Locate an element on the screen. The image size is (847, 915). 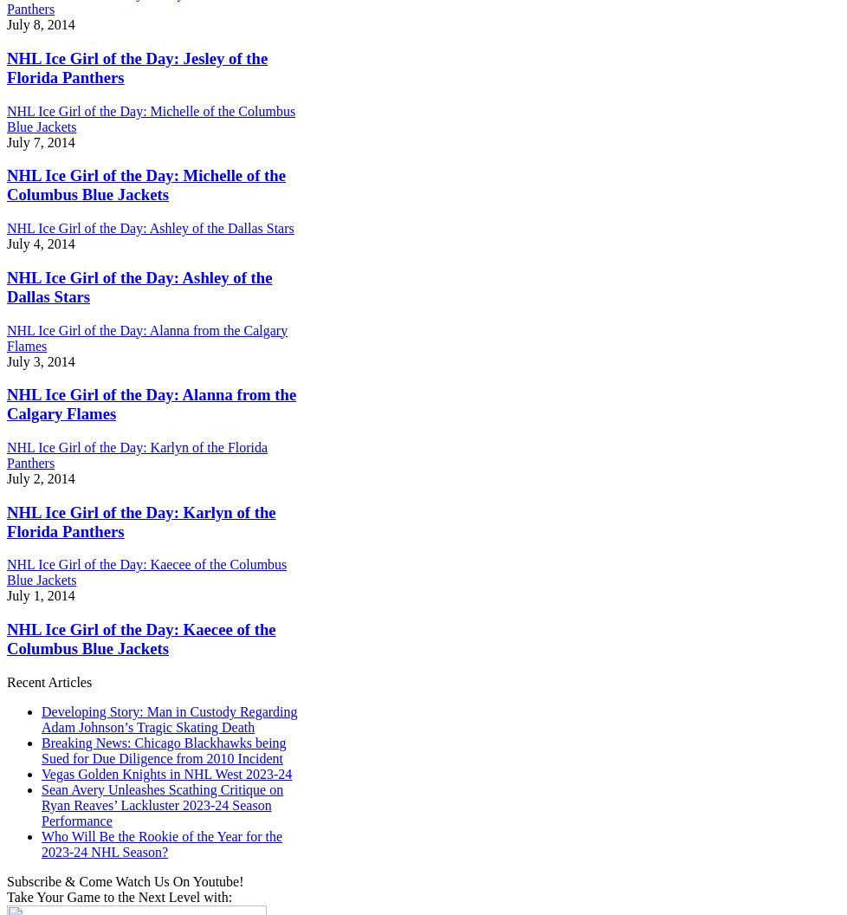
'Breaking News: Chicago Blackhawks being Sued for Due Diligence from 2010 Incident' is located at coordinates (42, 749).